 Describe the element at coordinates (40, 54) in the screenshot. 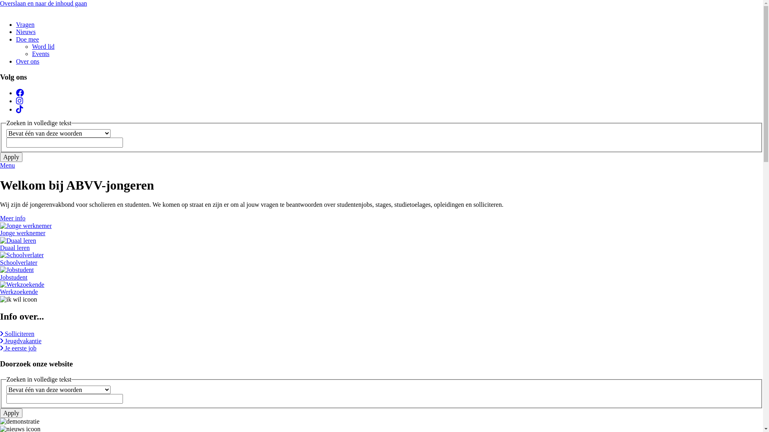

I see `'Events'` at that location.